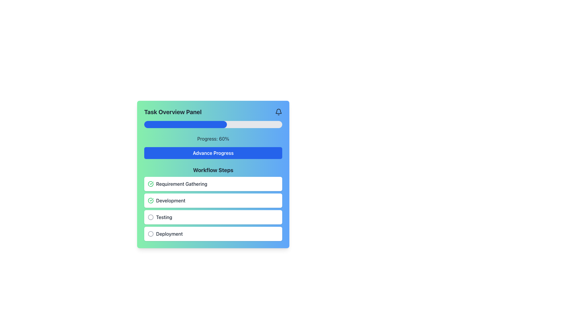 This screenshot has width=571, height=321. I want to click on the text label that serves as the title or heading for the section containing workflow steps, positioned at the top left corner of the list portion of the panel, so click(213, 170).